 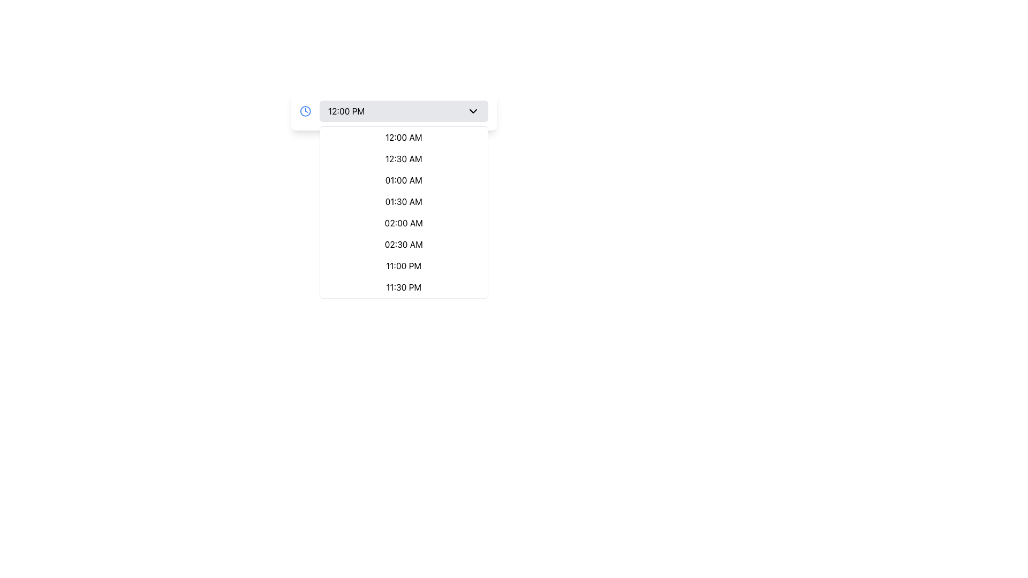 I want to click on the '11:30 PM' time selection option in the dropdown menu, which is styled in black font on a white background and is the last item in the list, so click(x=403, y=286).